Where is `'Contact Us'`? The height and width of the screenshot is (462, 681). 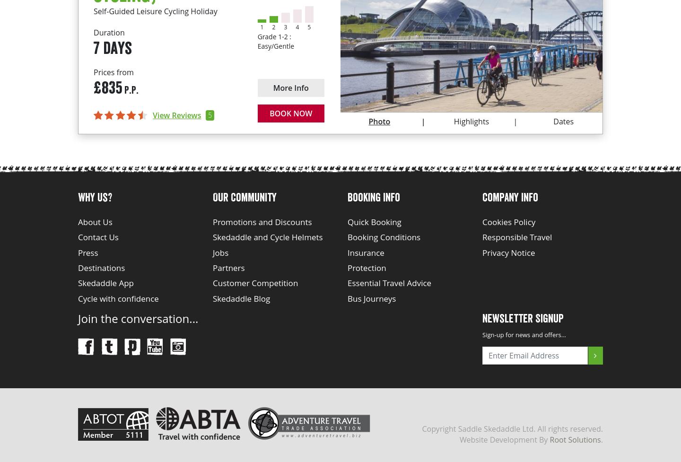
'Contact Us' is located at coordinates (98, 236).